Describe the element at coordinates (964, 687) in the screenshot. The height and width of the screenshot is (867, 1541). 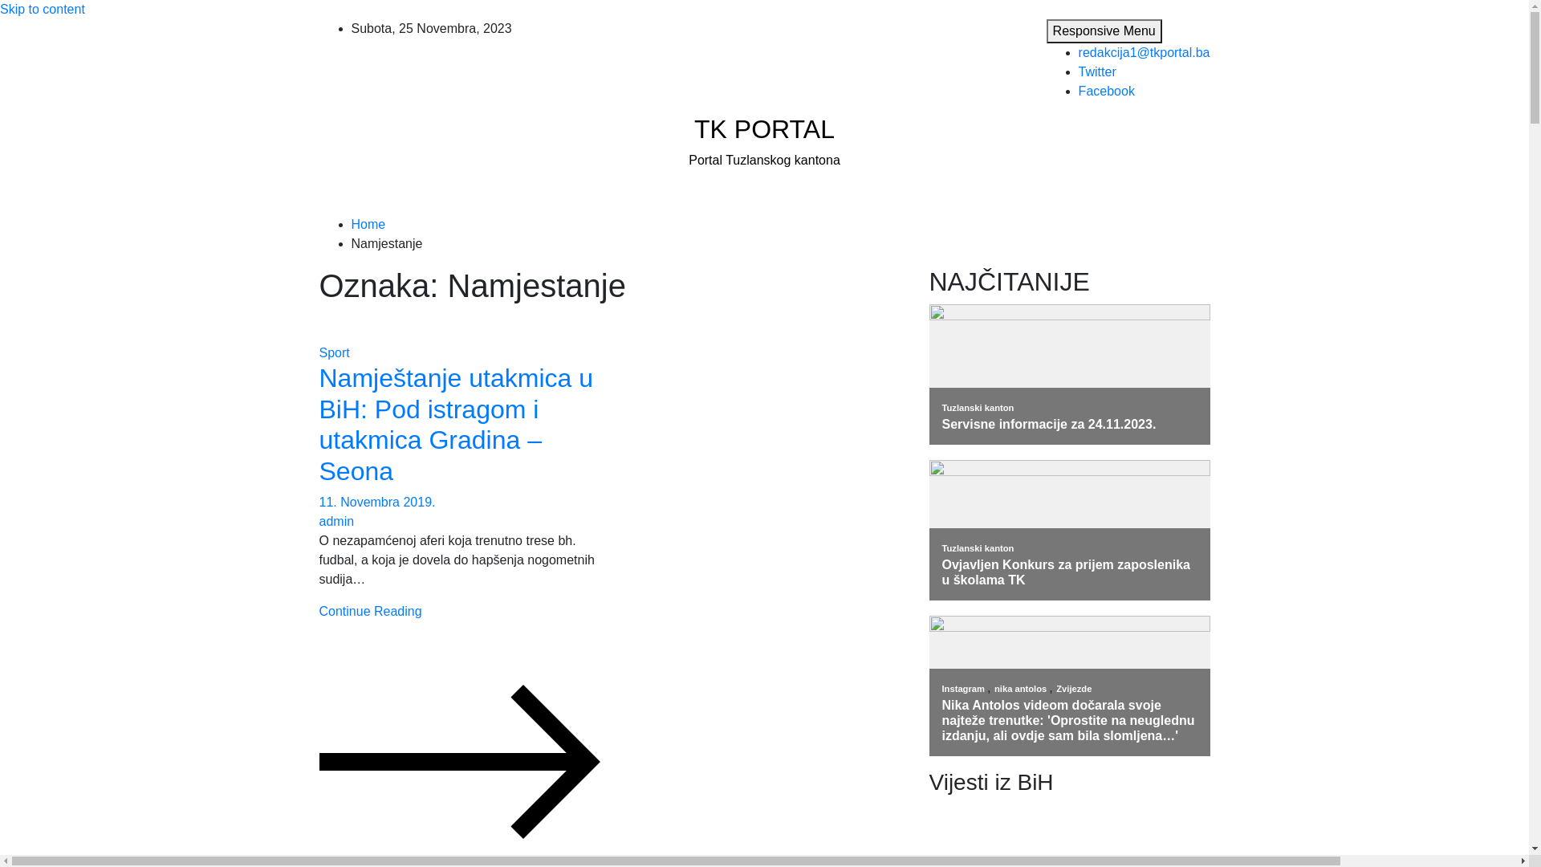
I see `'Instagram'` at that location.